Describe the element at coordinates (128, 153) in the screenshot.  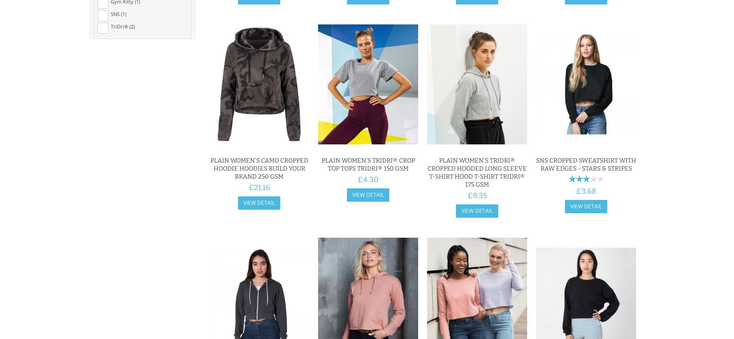
I see `'Peppermint (1)'` at that location.